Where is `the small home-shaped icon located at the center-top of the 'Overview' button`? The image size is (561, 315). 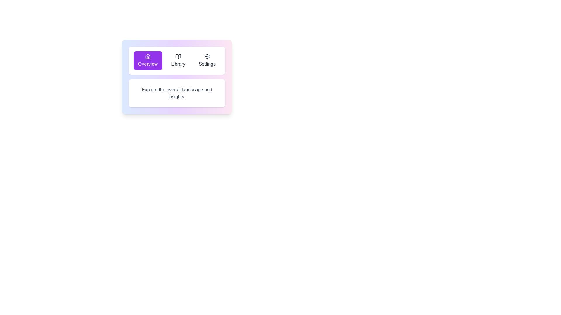 the small home-shaped icon located at the center-top of the 'Overview' button is located at coordinates (148, 56).